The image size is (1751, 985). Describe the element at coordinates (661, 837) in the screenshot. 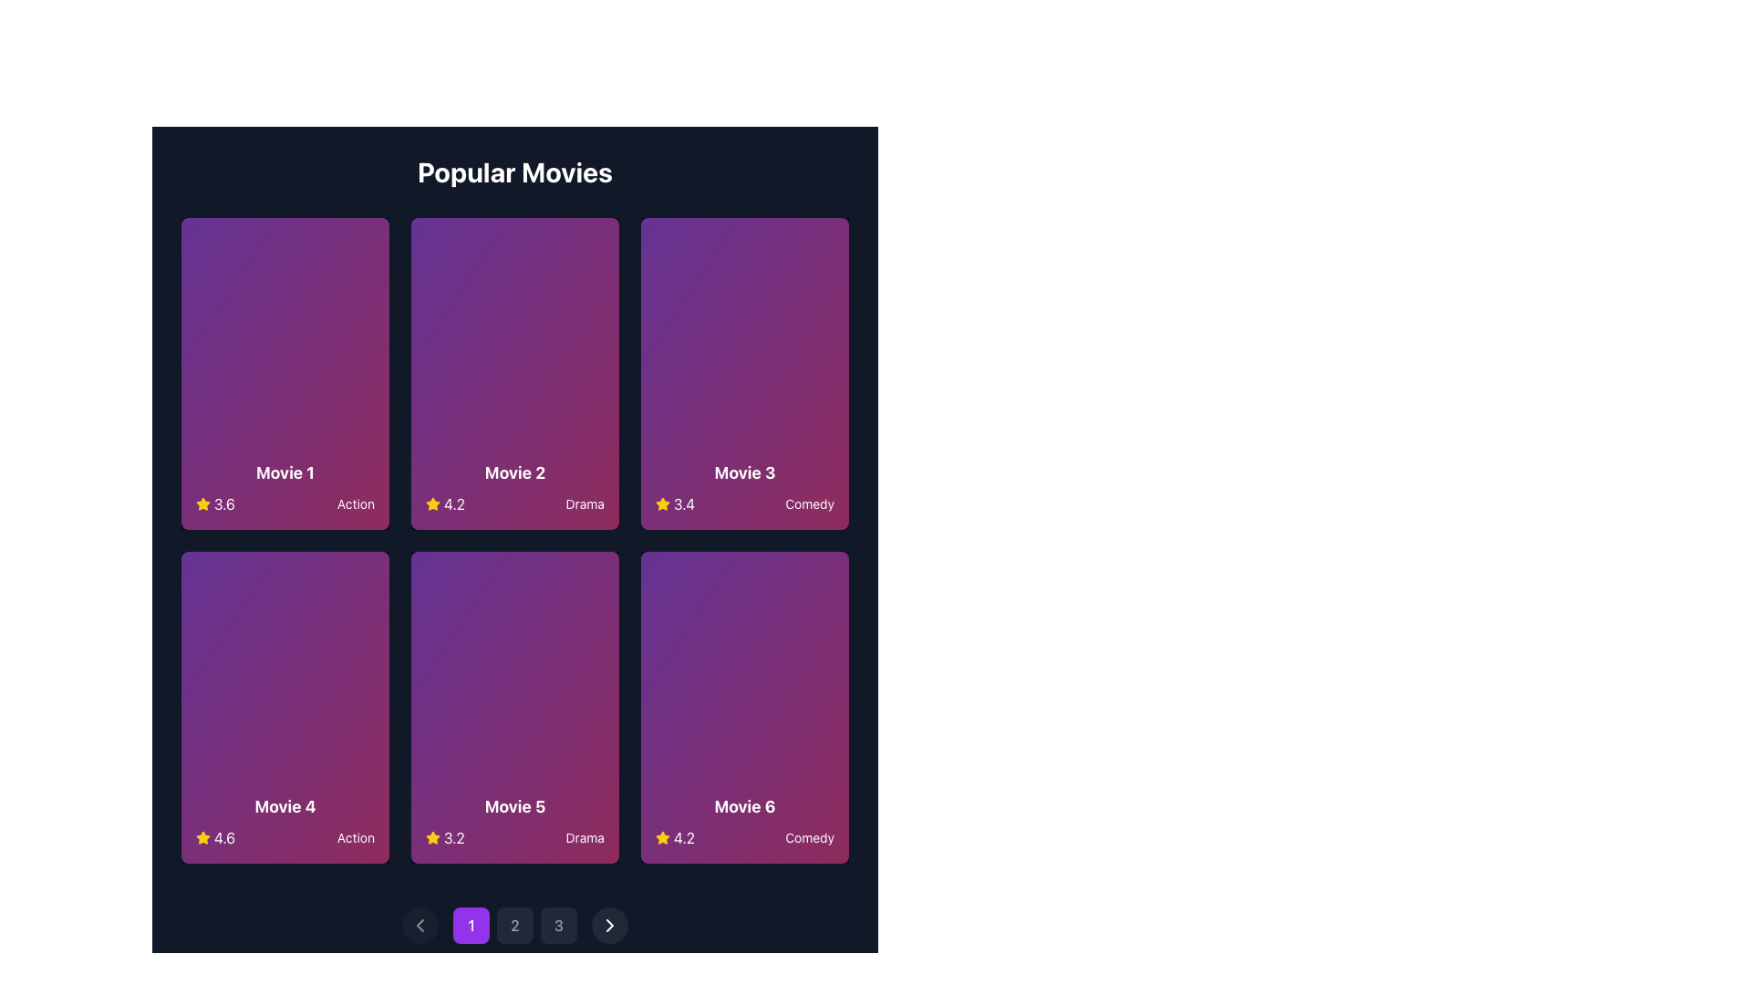

I see `the star rating icon located in the bottom-right corner of the 'Movie 6' card, adjacent to the rating number '4.2'` at that location.